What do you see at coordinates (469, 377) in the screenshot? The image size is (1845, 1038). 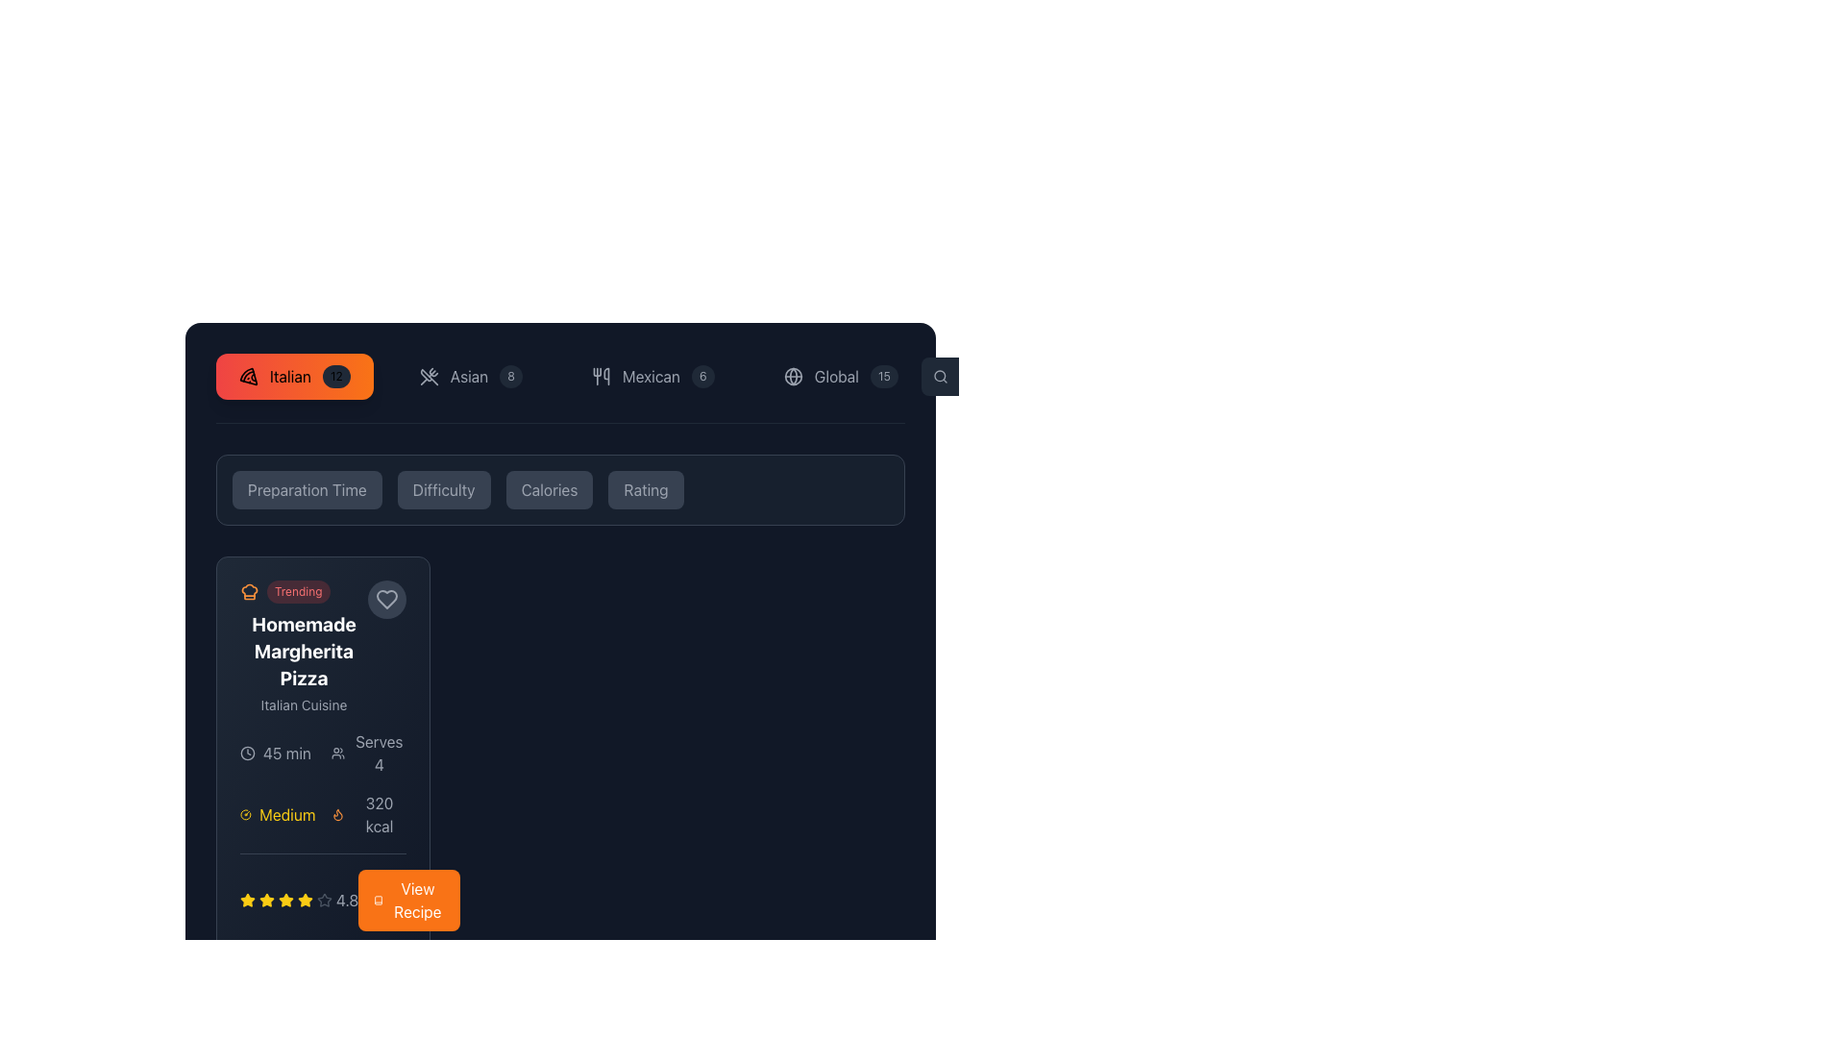 I see `the navigation label for Asian cuisine, which is positioned to the right of the Italian section and left of the Mexican label` at bounding box center [469, 377].